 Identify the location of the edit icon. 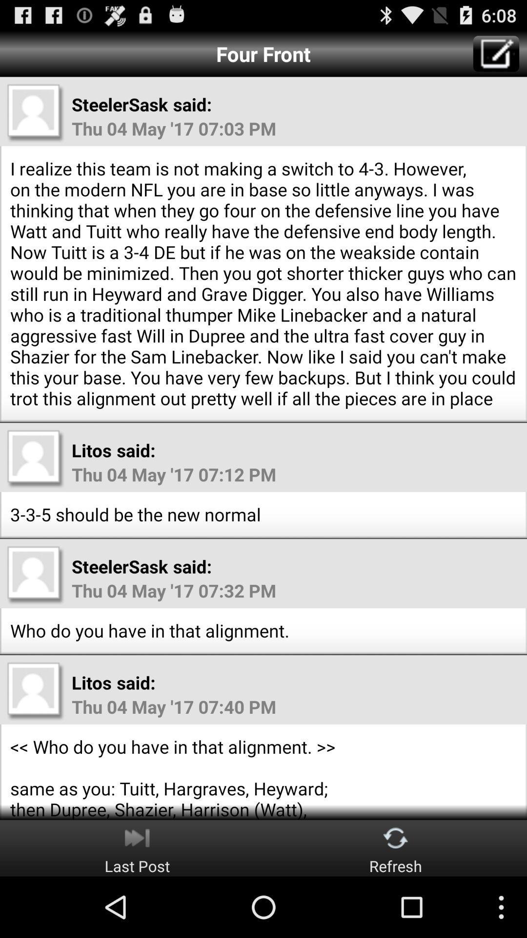
(496, 57).